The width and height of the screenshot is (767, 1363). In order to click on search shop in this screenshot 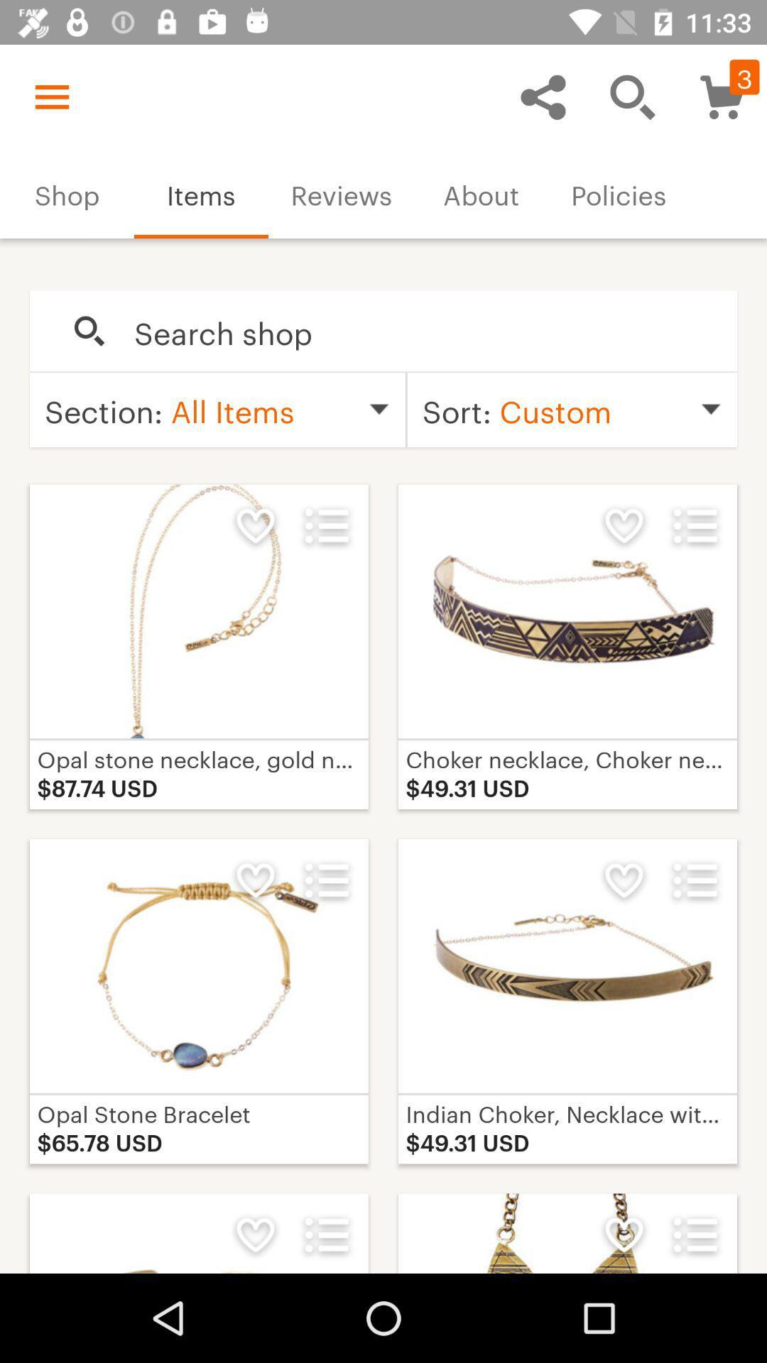, I will do `click(420, 331)`.